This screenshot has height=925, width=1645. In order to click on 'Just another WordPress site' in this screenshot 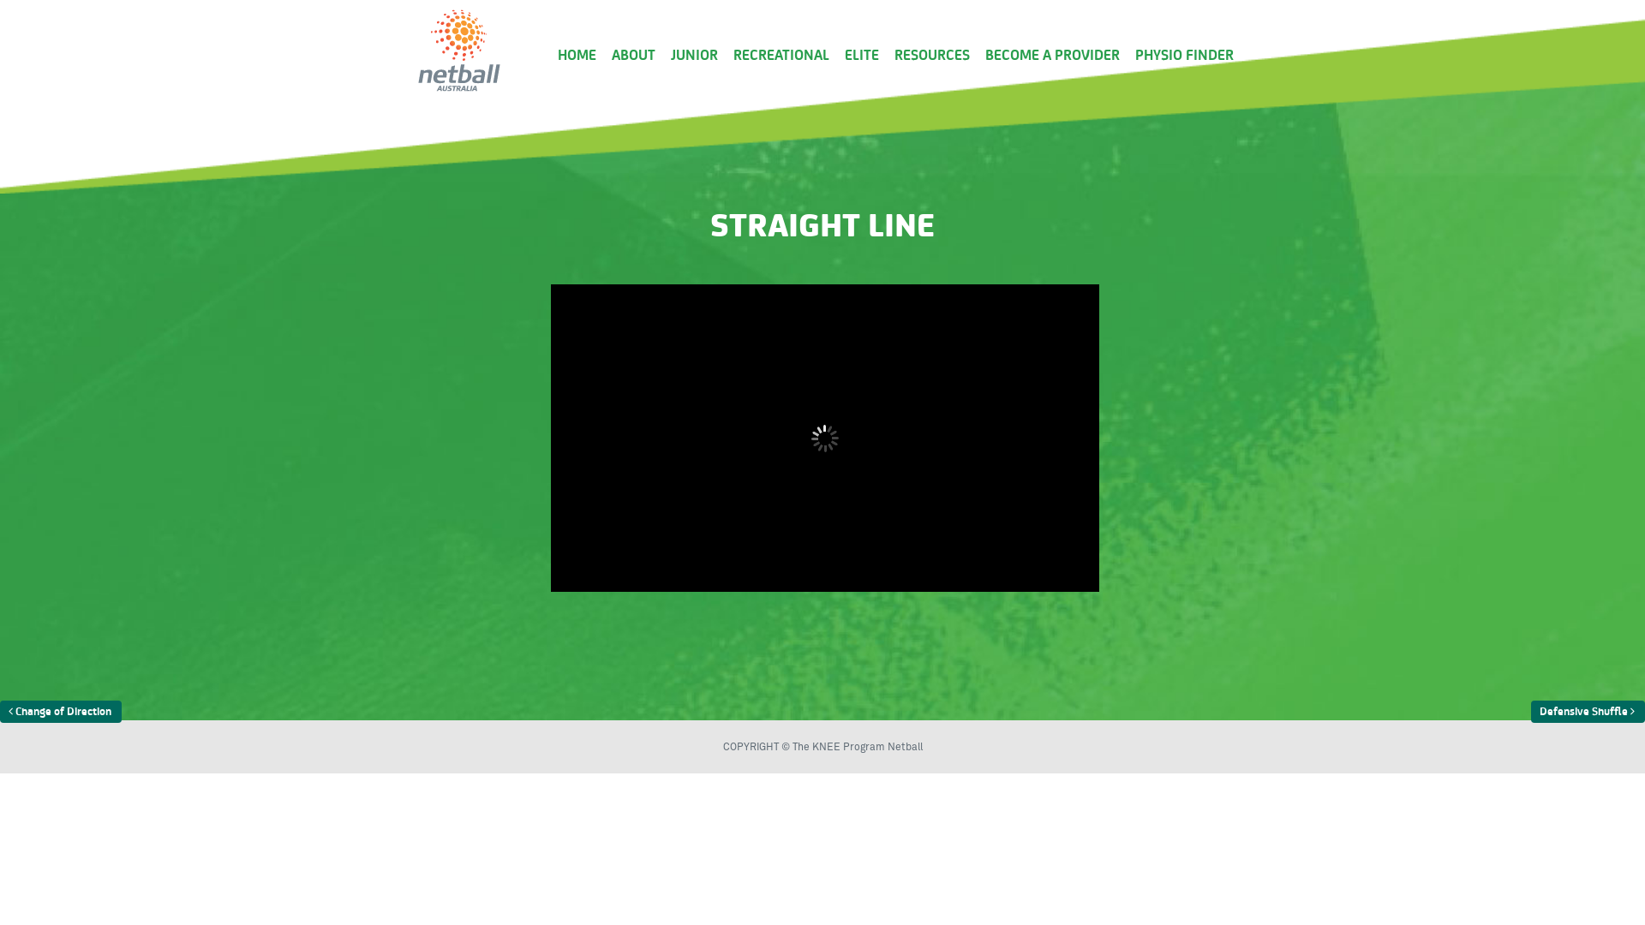, I will do `click(459, 89)`.